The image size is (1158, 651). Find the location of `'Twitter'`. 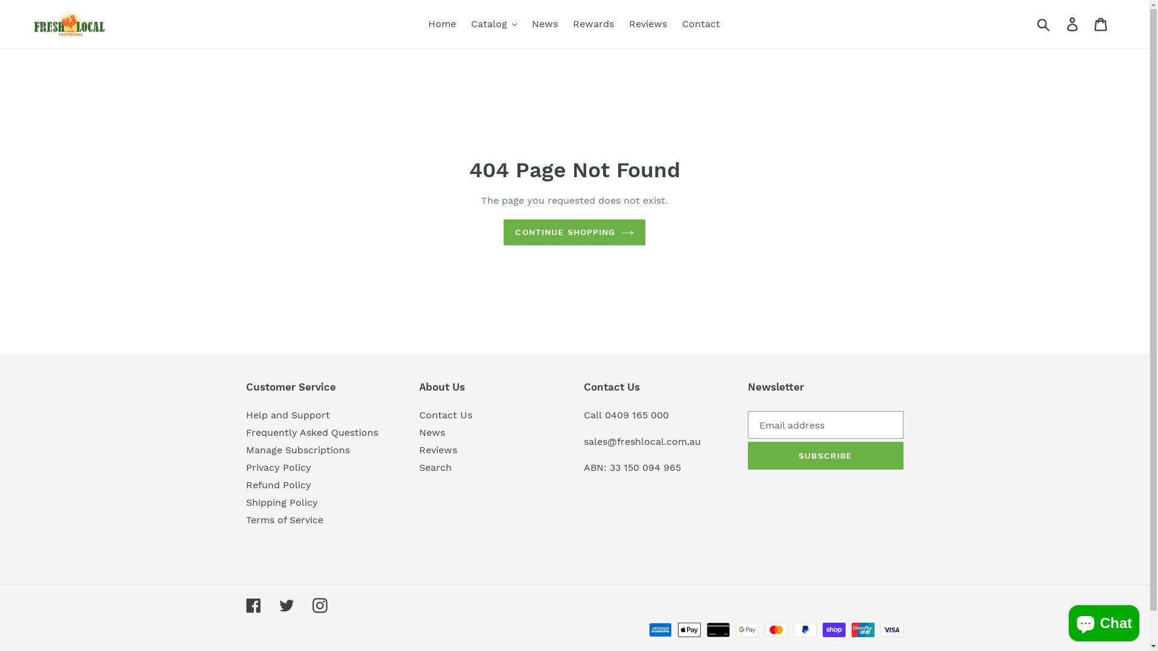

'Twitter' is located at coordinates (285, 606).